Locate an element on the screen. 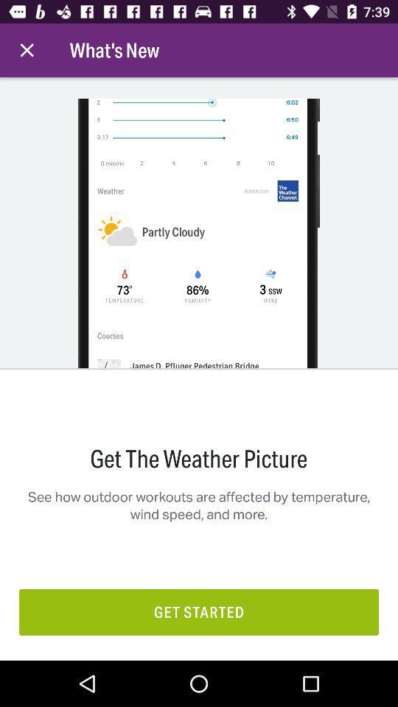 The width and height of the screenshot is (398, 707). the item next to the what's new is located at coordinates (27, 50).